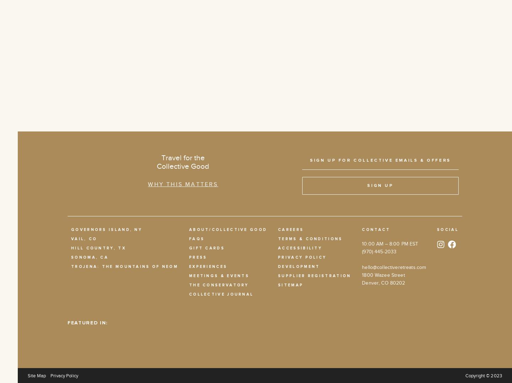  Describe the element at coordinates (182, 158) in the screenshot. I see `'Travel for the'` at that location.